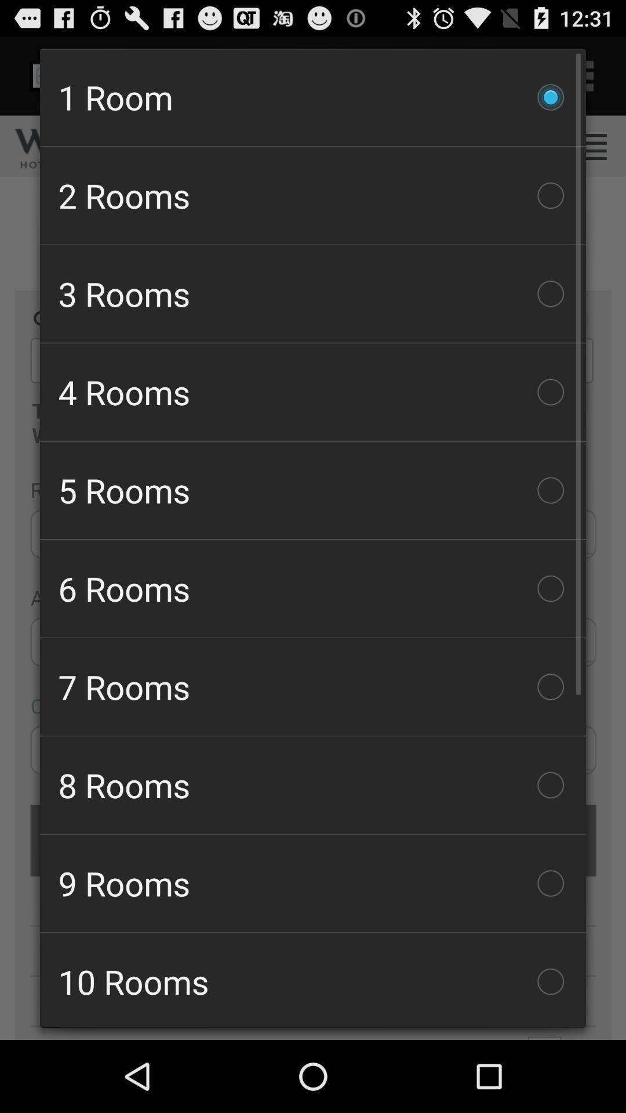 This screenshot has height=1113, width=626. Describe the element at coordinates (313, 392) in the screenshot. I see `icon below the 3 rooms` at that location.